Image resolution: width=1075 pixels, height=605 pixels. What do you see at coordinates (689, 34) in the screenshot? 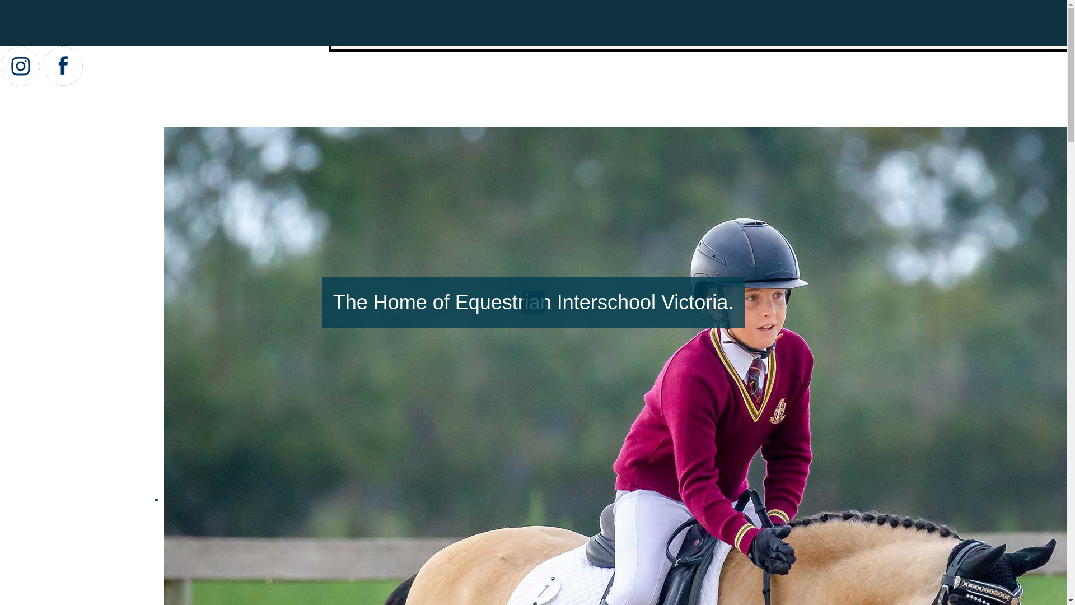
I see `'EVENTING'` at bounding box center [689, 34].